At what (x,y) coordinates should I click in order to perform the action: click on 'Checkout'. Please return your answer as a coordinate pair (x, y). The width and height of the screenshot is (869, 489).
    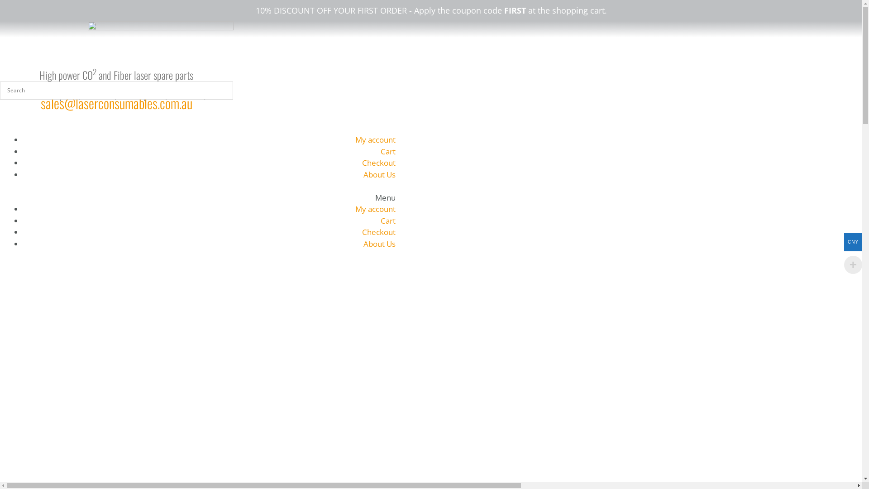
    Looking at the image, I should click on (378, 231).